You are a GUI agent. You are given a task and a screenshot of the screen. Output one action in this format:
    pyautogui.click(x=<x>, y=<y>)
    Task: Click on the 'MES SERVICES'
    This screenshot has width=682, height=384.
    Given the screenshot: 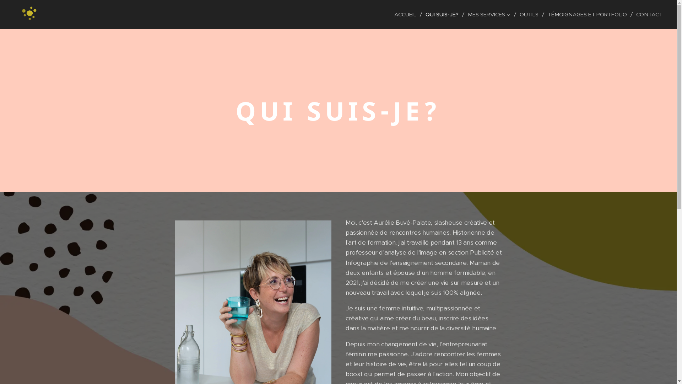 What is the action you would take?
    pyautogui.click(x=490, y=15)
    